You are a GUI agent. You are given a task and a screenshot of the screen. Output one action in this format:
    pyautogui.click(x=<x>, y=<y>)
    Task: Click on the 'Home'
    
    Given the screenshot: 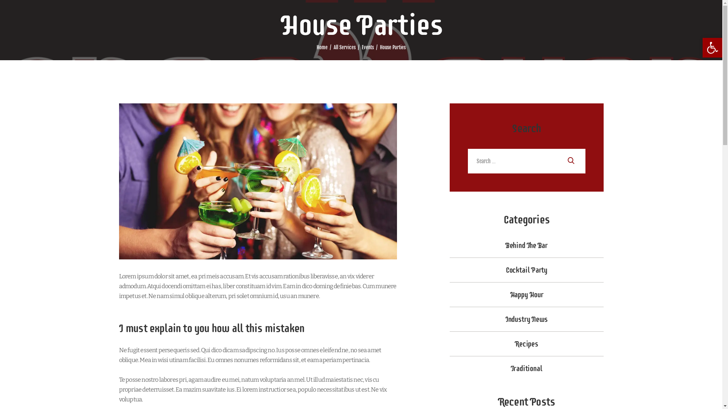 What is the action you would take?
    pyautogui.click(x=322, y=47)
    